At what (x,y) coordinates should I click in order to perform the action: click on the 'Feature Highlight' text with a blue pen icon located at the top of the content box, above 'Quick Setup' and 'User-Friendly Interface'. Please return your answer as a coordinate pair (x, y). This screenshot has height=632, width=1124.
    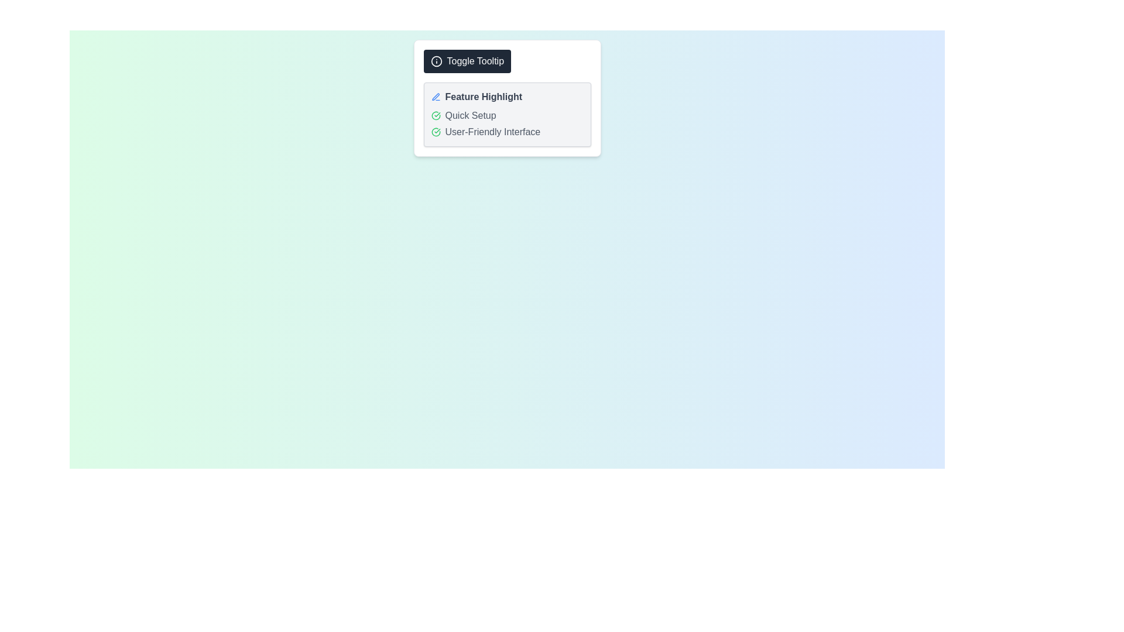
    Looking at the image, I should click on (507, 96).